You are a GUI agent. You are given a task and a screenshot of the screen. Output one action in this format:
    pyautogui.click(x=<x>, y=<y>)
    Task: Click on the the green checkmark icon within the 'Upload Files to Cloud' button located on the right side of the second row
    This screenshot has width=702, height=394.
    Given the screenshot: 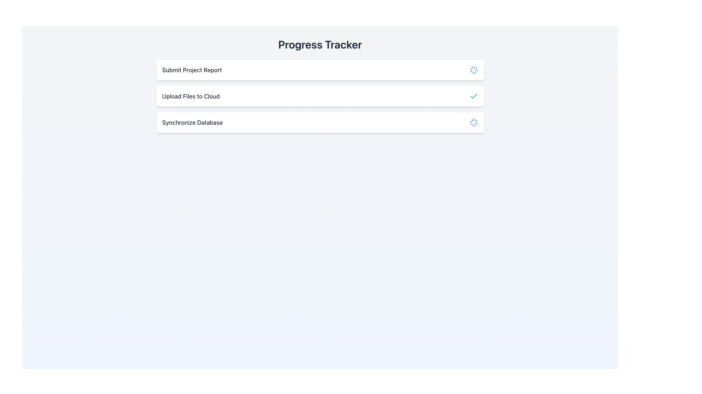 What is the action you would take?
    pyautogui.click(x=473, y=96)
    